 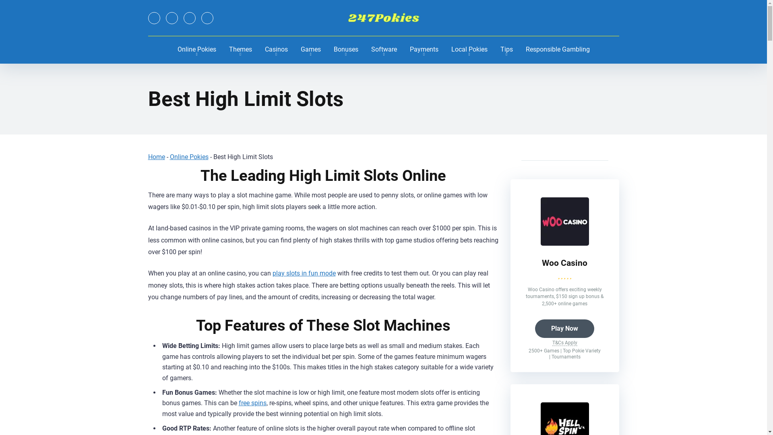 What do you see at coordinates (384, 50) in the screenshot?
I see `'Software'` at bounding box center [384, 50].